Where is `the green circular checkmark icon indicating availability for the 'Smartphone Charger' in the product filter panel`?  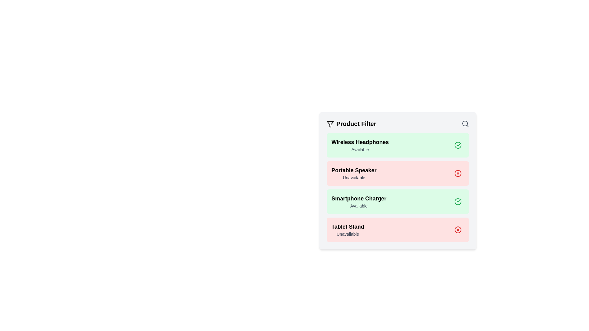 the green circular checkmark icon indicating availability for the 'Smartphone Charger' in the product filter panel is located at coordinates (458, 202).